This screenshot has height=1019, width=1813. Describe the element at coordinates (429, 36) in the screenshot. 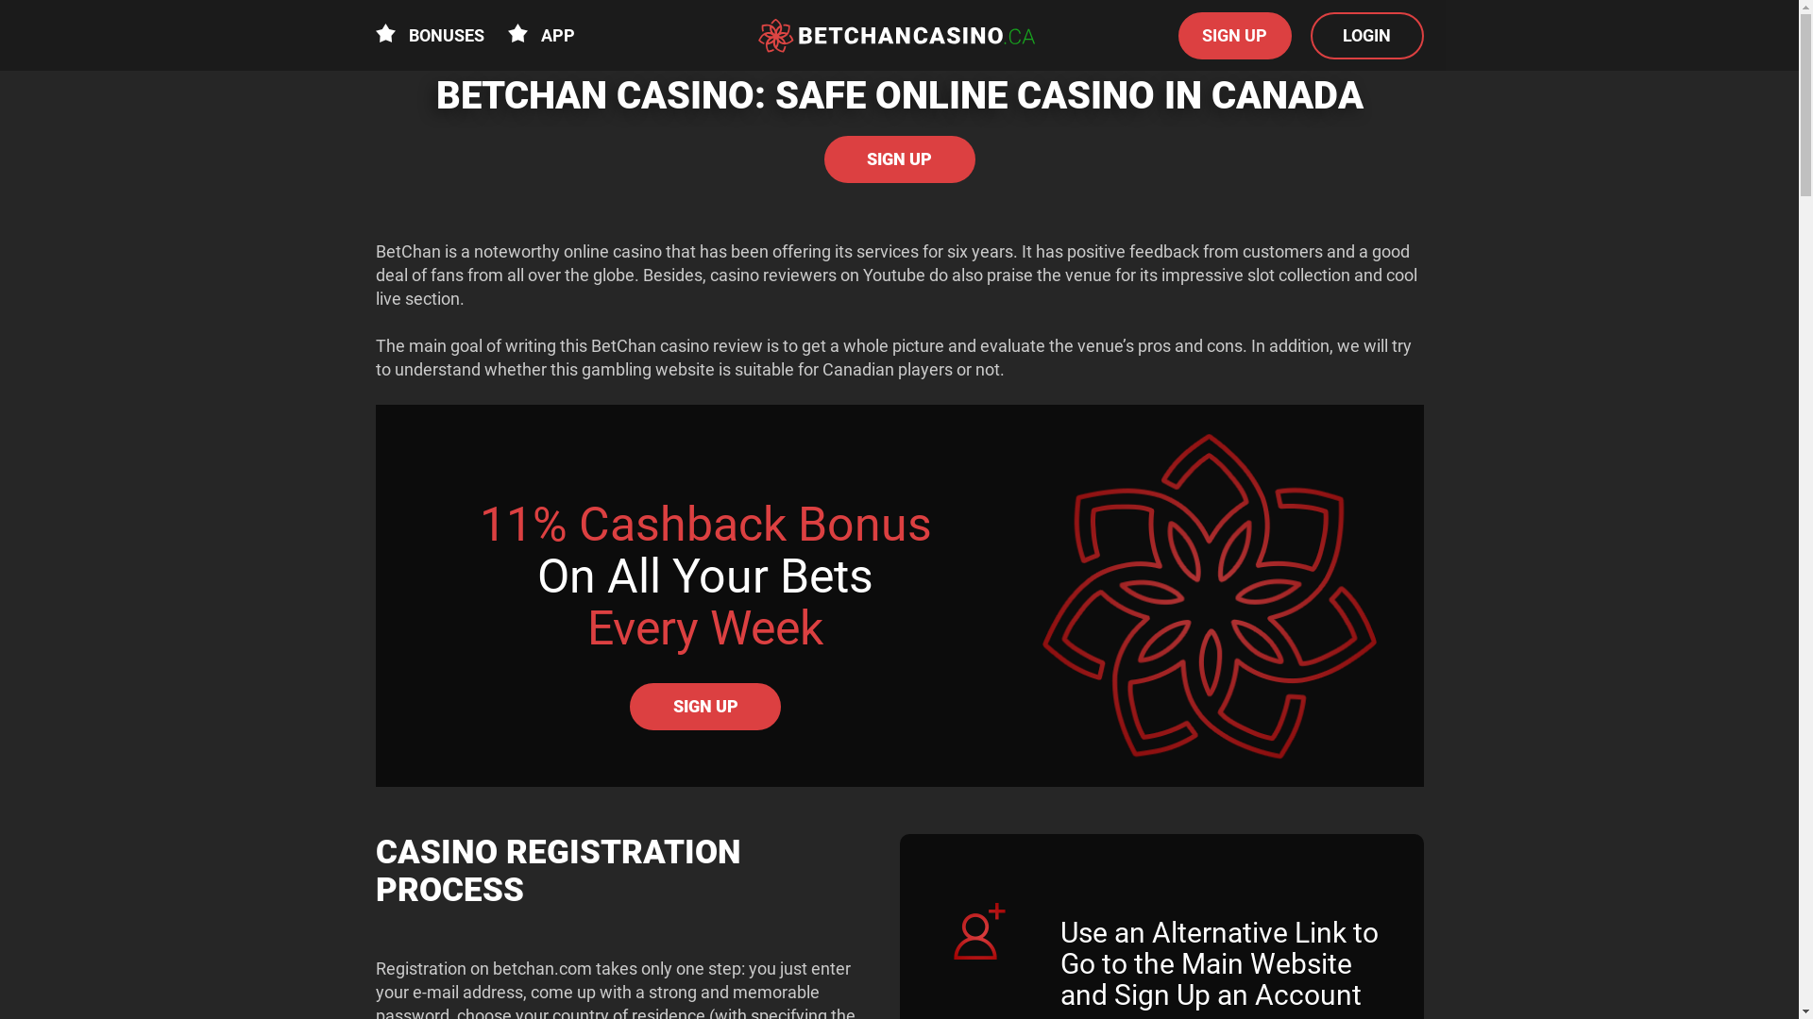

I see `'BONUSES'` at that location.